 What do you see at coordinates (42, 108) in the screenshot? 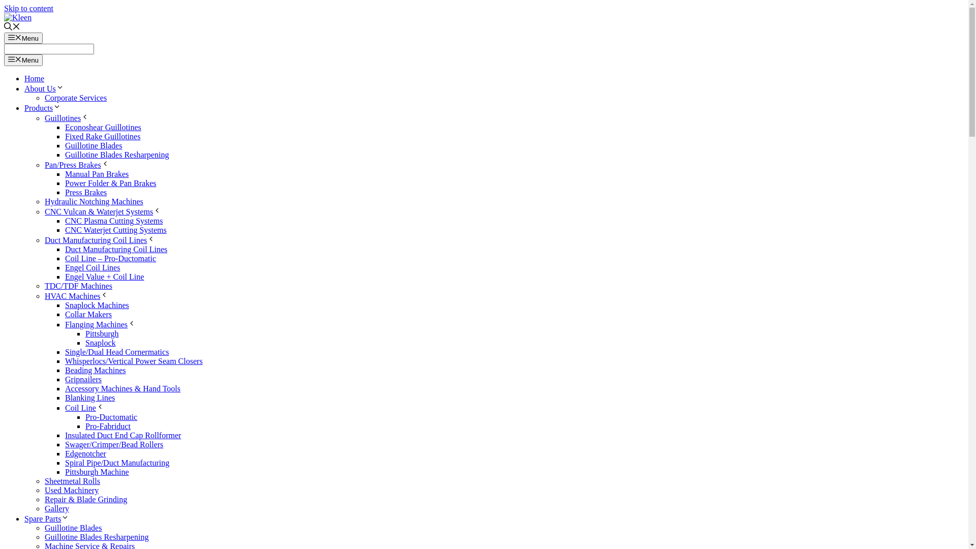
I see `'Products'` at bounding box center [42, 108].